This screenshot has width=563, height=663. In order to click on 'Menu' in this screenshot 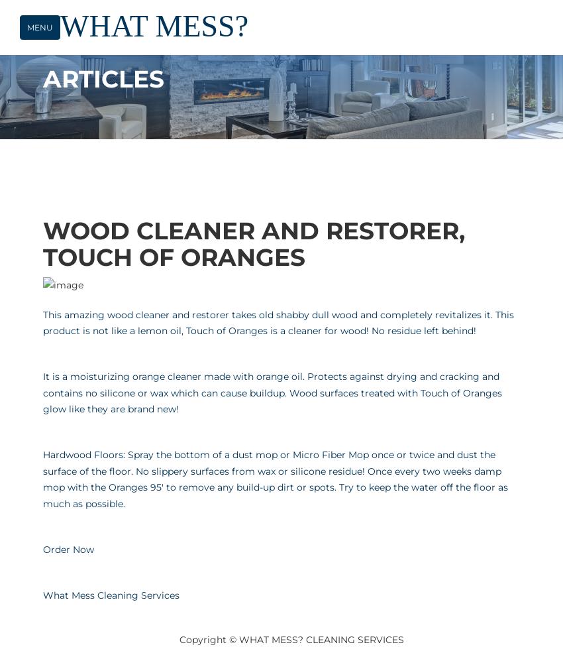, I will do `click(26, 27)`.